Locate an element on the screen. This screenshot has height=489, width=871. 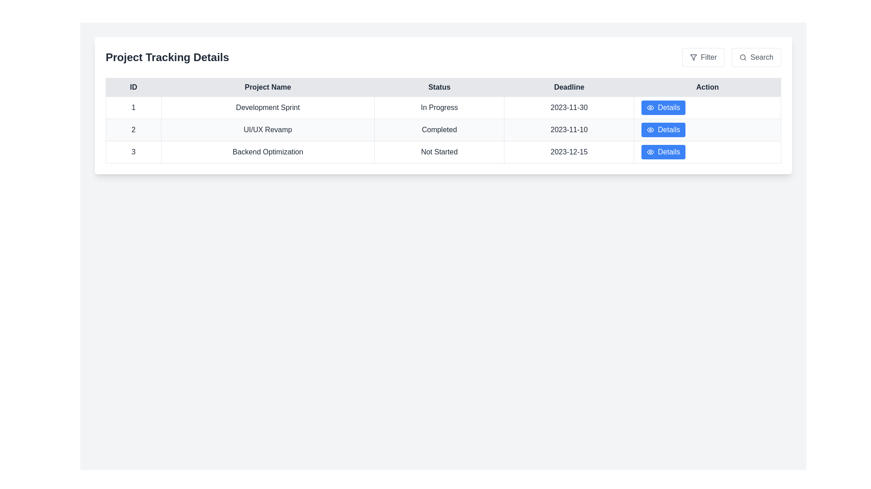
the SVG filter icon located within the 'Filter' button, which is positioned is located at coordinates (693, 58).